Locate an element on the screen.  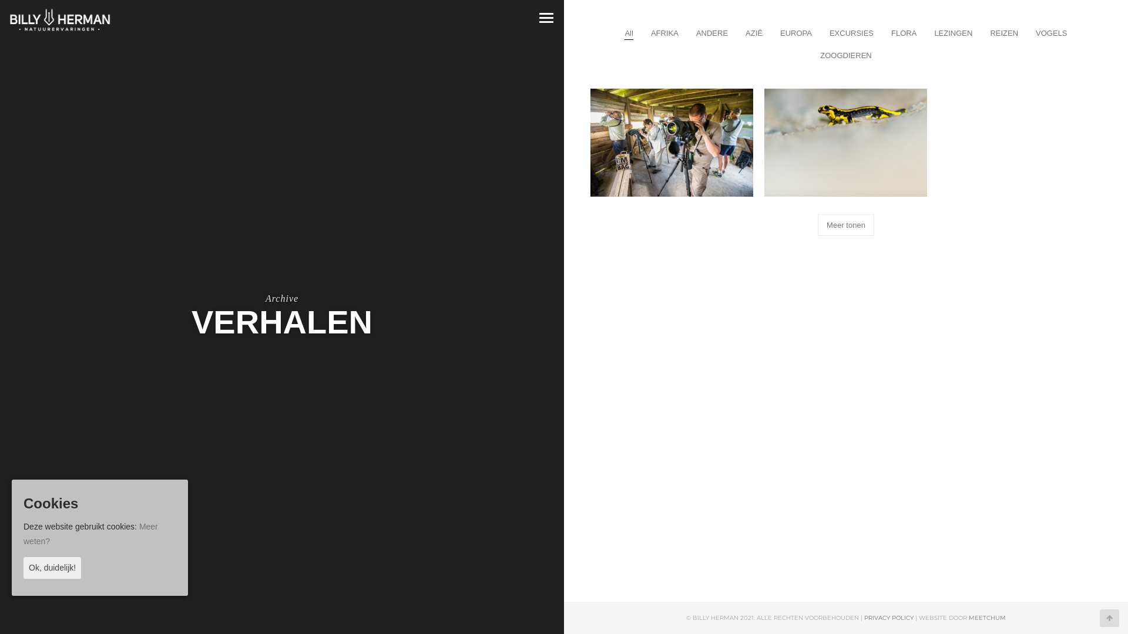
'ZOOGDIEREN' is located at coordinates (845, 55).